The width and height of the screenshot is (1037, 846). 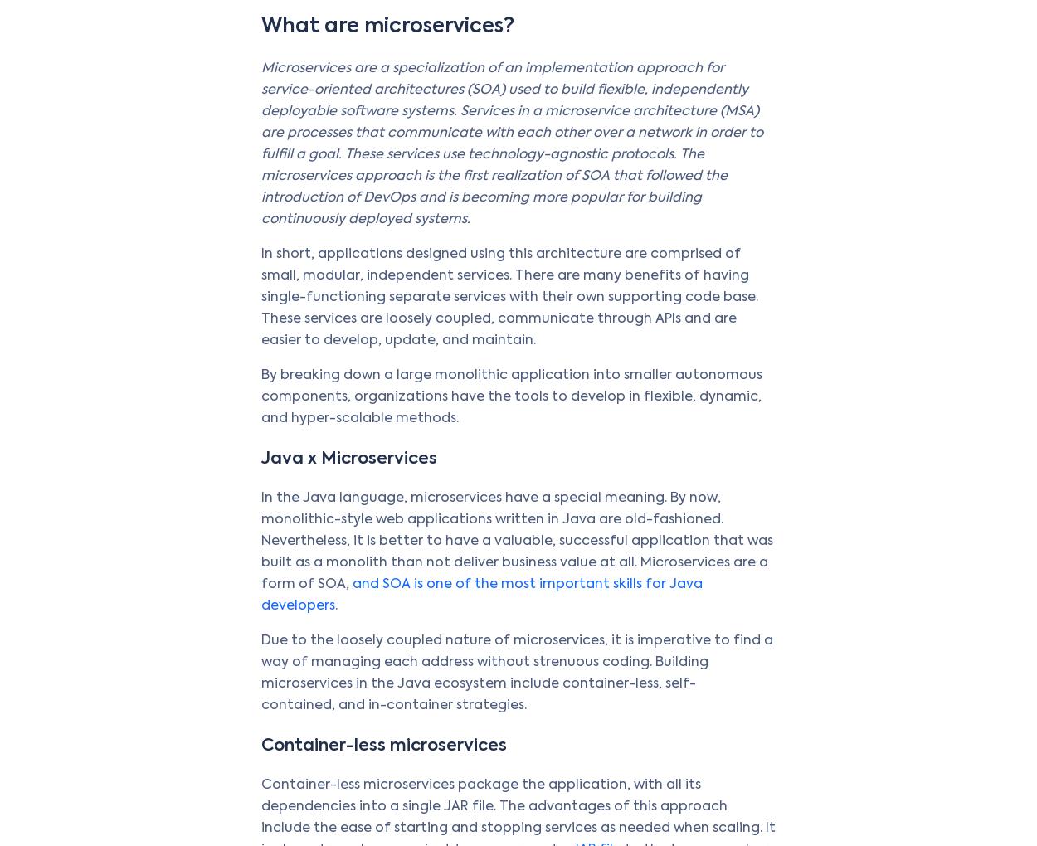 I want to click on 'Media Kit', so click(x=869, y=564).